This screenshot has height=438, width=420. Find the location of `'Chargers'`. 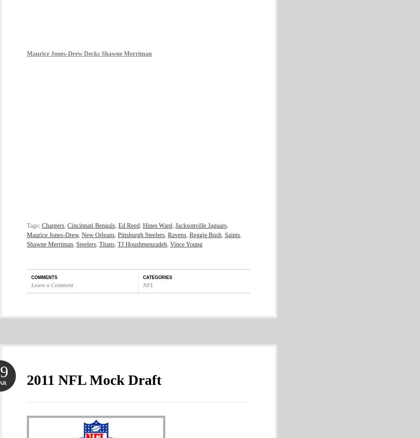

'Chargers' is located at coordinates (52, 225).